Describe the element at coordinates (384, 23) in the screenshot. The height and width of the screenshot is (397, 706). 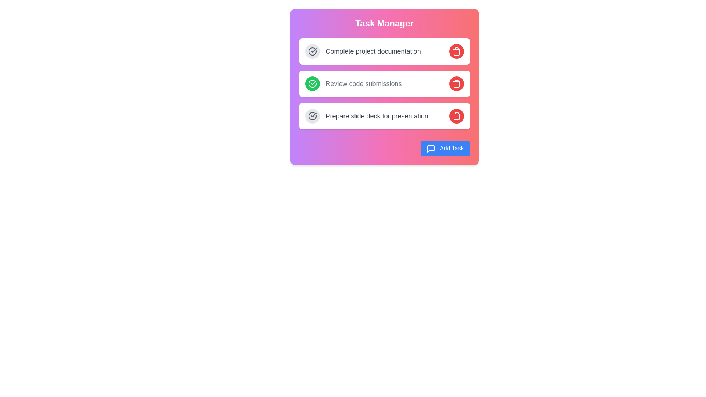
I see `the heading text block labeled 'Task Manager', which is styled with large, bold, and centered white text against a gradient background` at that location.